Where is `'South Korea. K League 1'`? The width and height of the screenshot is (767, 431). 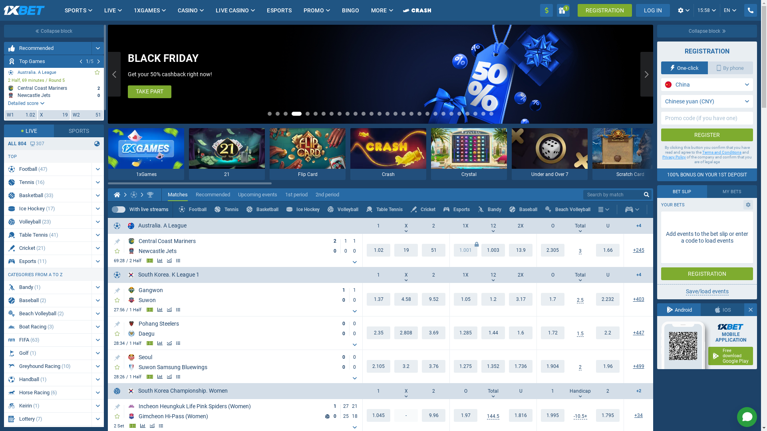 'South Korea. K League 1' is located at coordinates (163, 274).